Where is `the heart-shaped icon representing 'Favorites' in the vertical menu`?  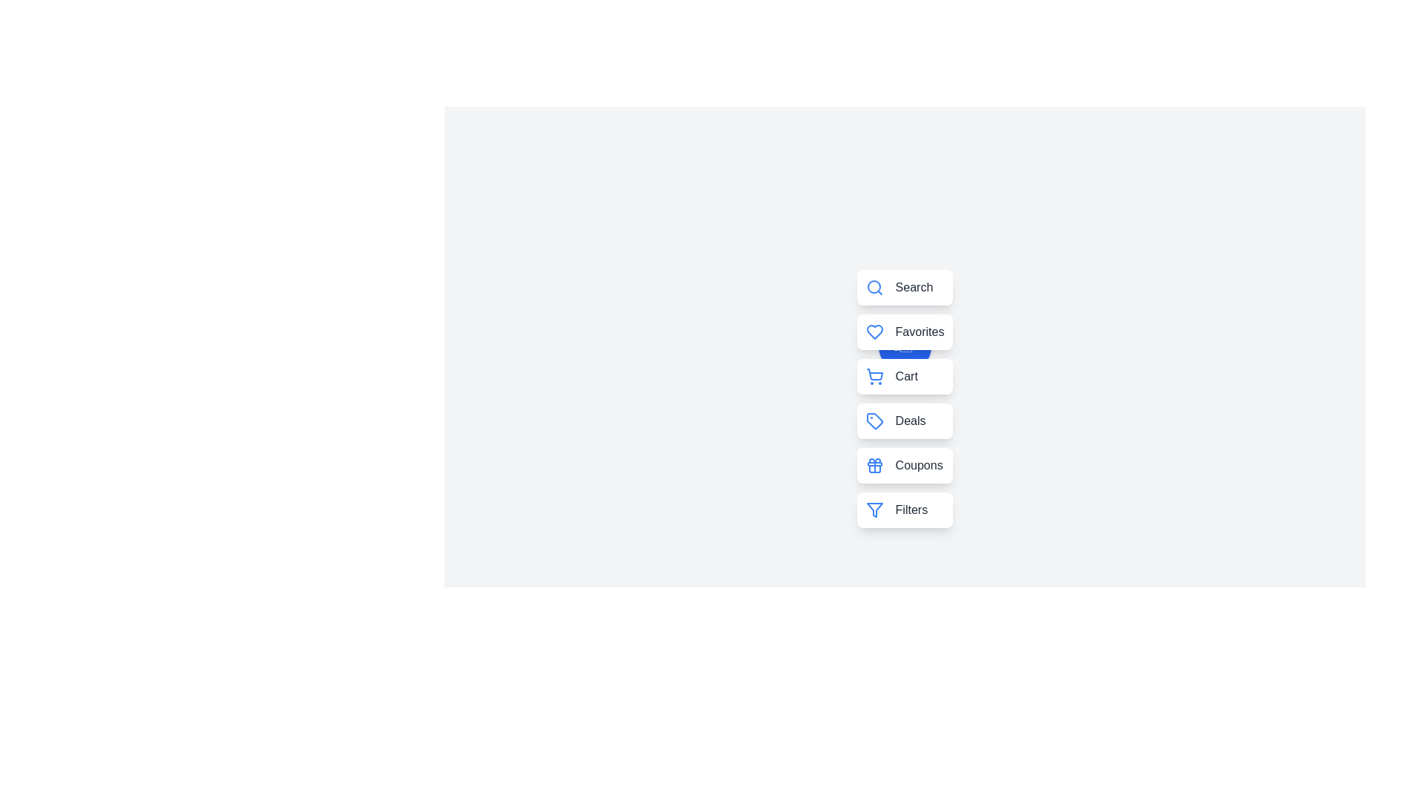
the heart-shaped icon representing 'Favorites' in the vertical menu is located at coordinates (874, 331).